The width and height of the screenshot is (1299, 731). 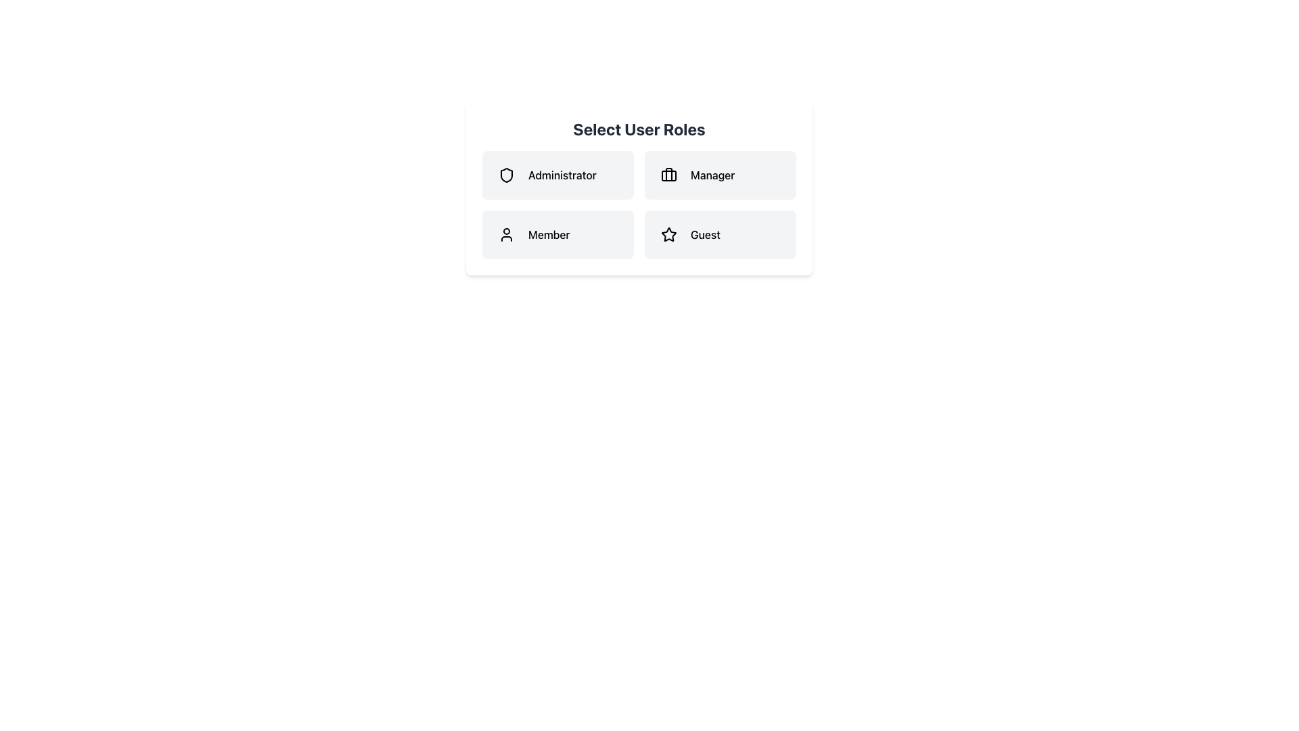 I want to click on 'Administrator' icon located at the top left corner of the 'Select User Roles' card for details, so click(x=505, y=174).